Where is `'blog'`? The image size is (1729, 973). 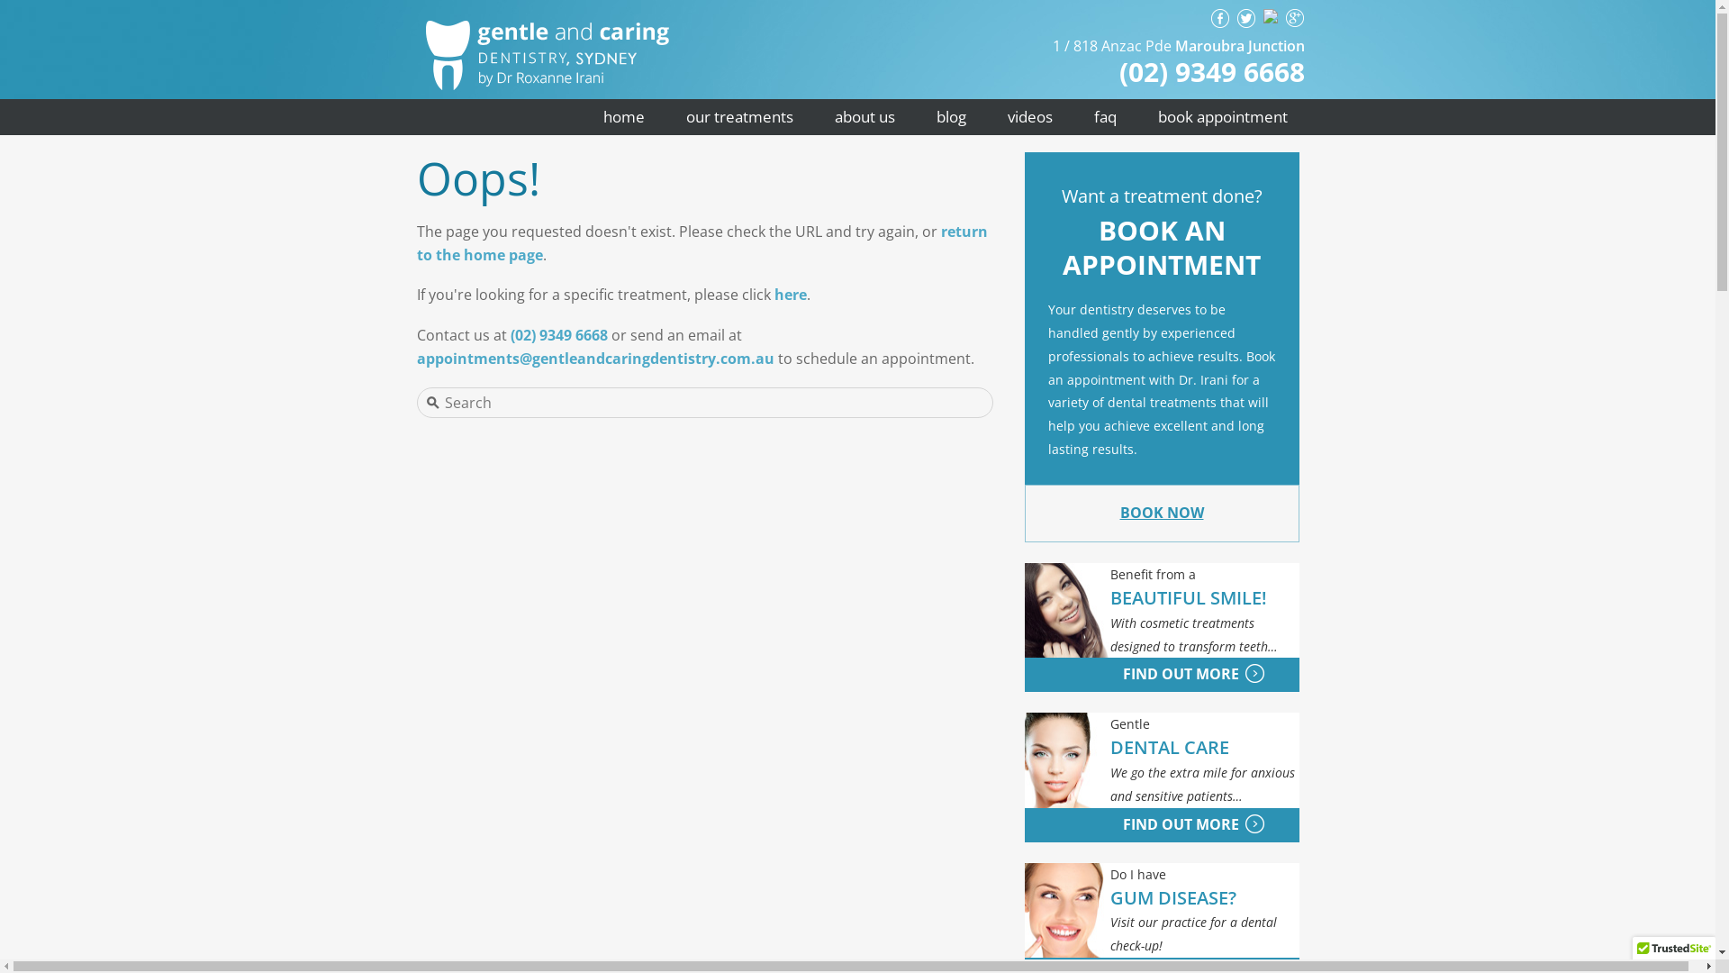
'blog' is located at coordinates (949, 117).